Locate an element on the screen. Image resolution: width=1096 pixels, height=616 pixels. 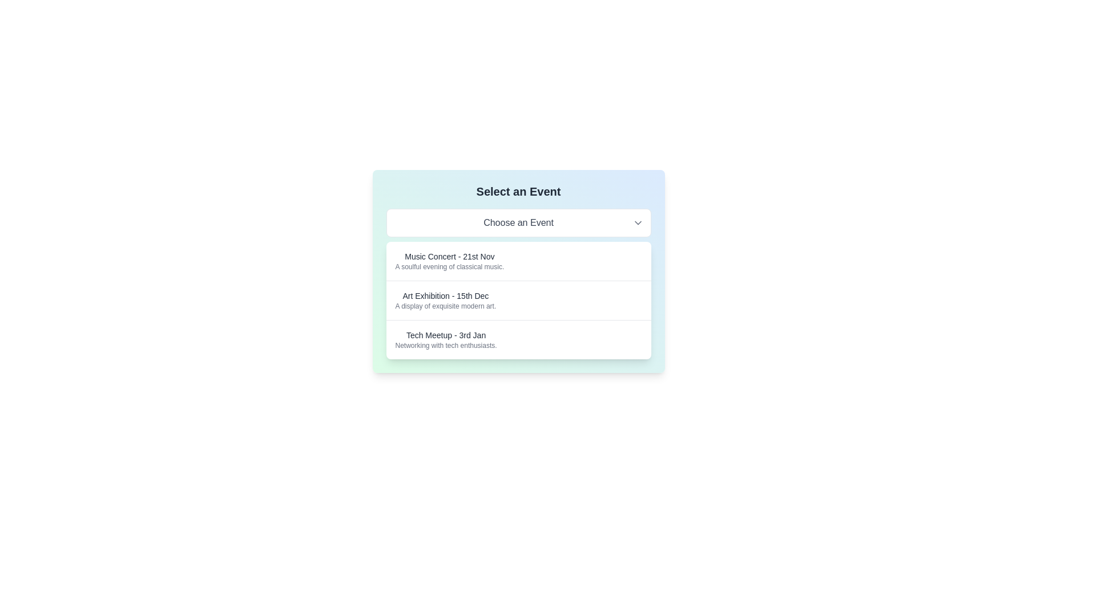
the list item representing 'Tech Meetup - 3rd Jan' is located at coordinates (445, 339).